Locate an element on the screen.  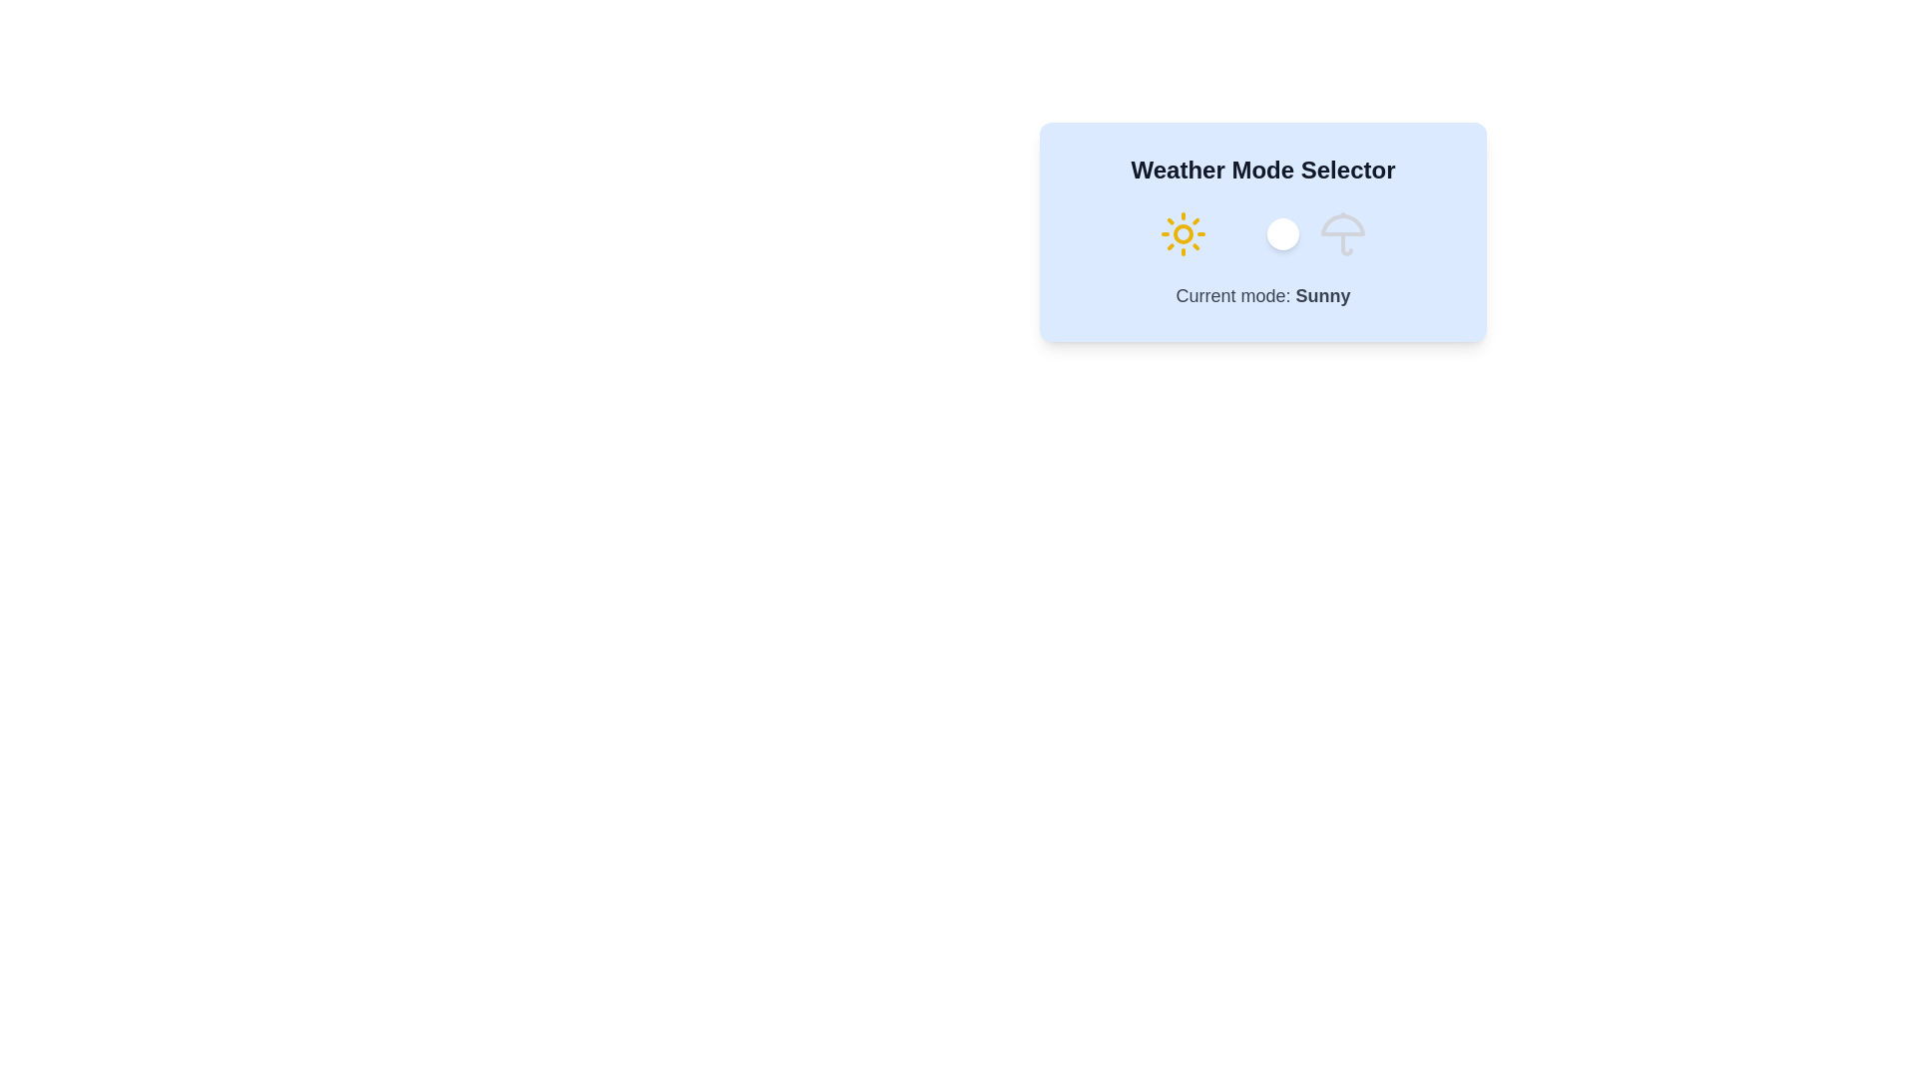
the yellow sun icon with rays, located within the 'Weather Mode Selector' card, which is the leftmost icon in the group, to the left of the toggle switch and umbrella icon is located at coordinates (1183, 233).